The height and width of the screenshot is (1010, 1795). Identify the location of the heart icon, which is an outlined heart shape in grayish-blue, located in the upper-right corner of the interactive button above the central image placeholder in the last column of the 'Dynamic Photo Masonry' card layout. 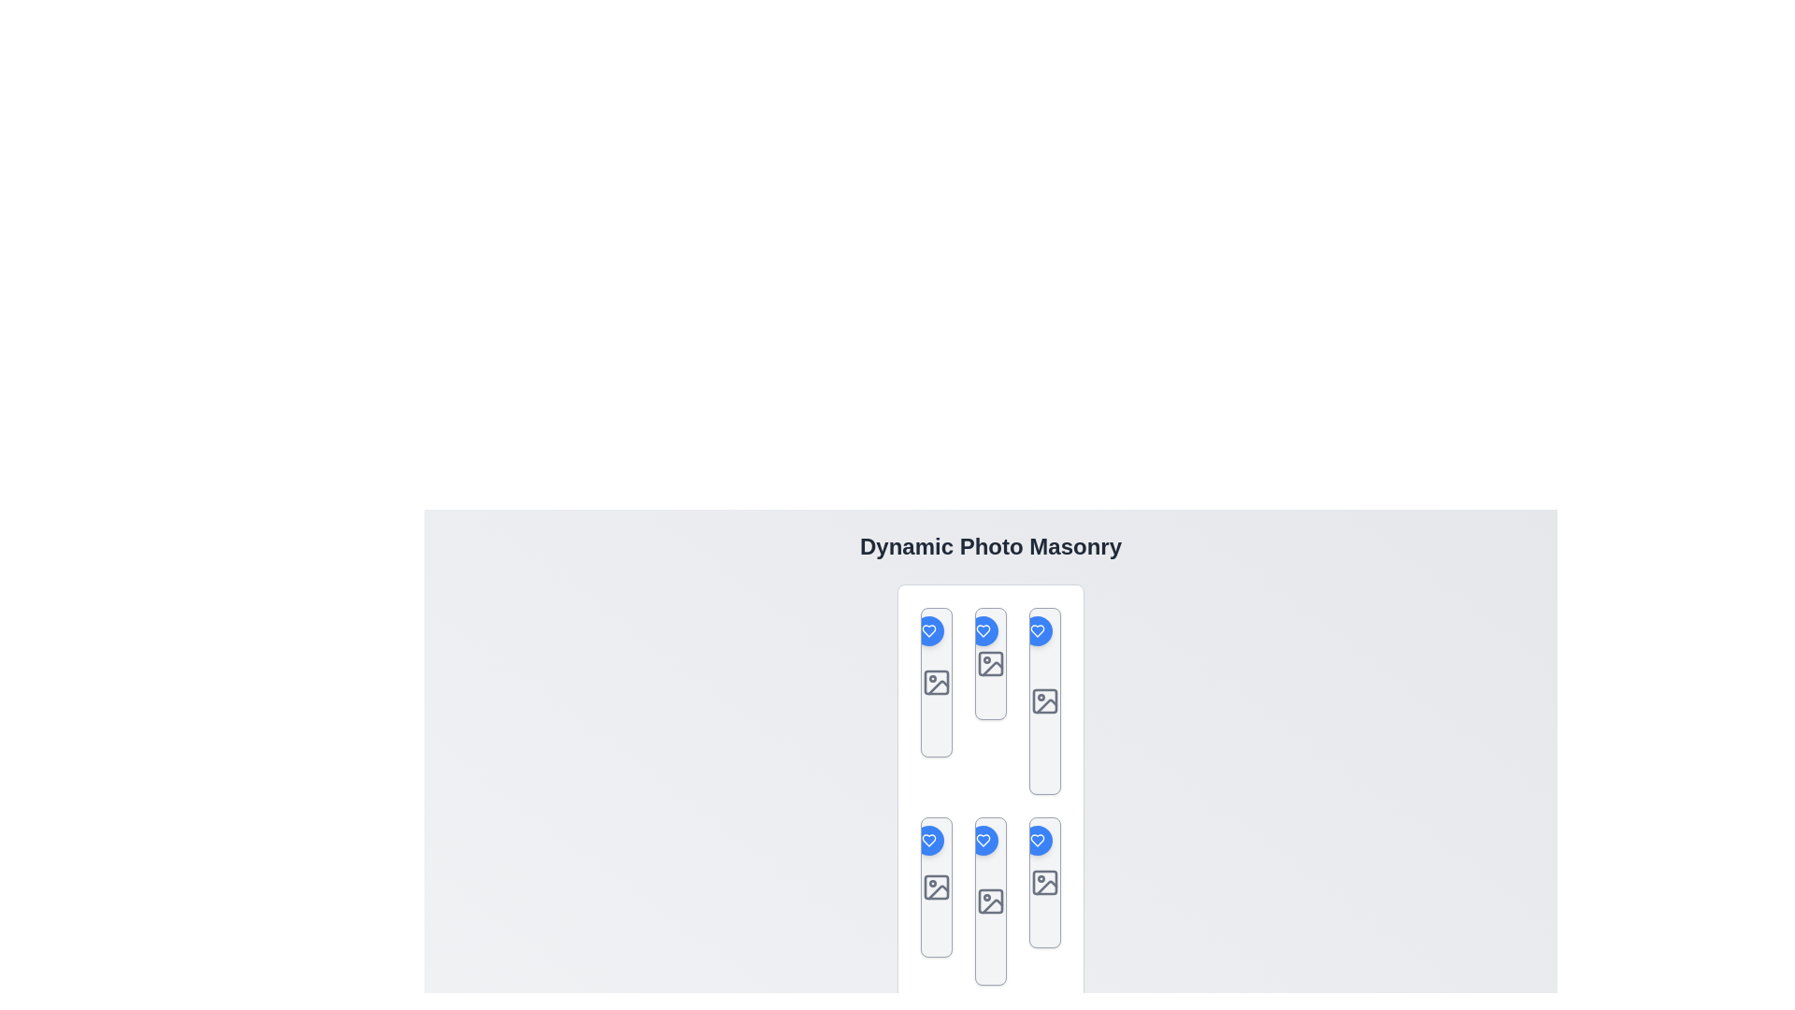
(982, 839).